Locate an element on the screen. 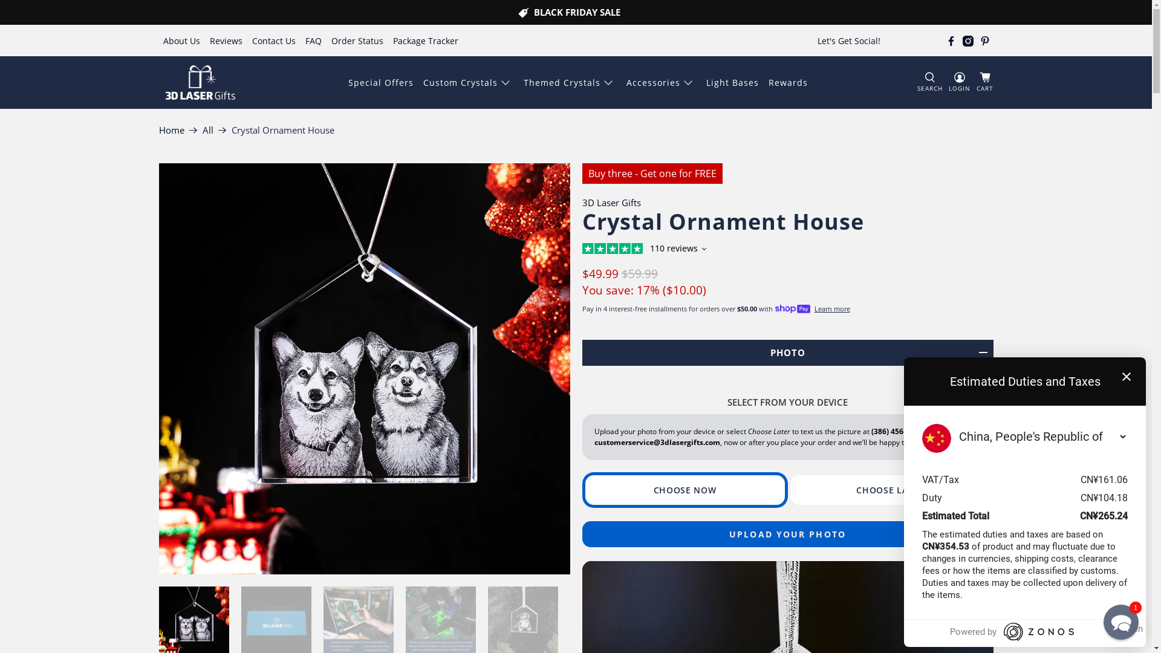 The height and width of the screenshot is (653, 1161). 'Contact Us' is located at coordinates (273, 40).